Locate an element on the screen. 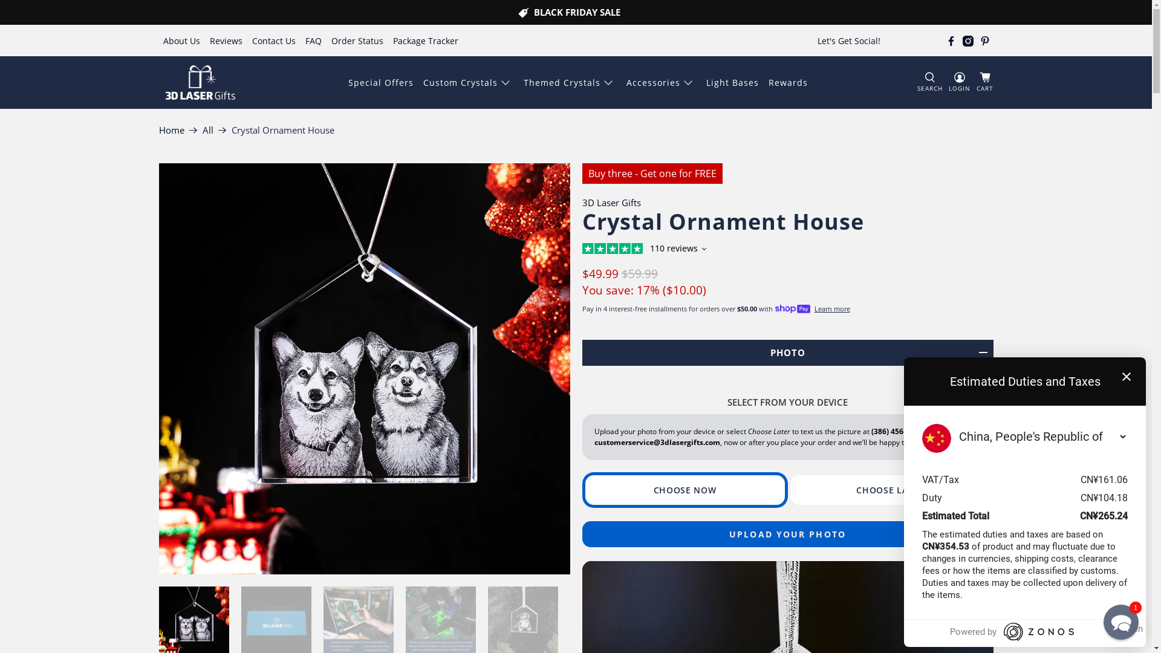 The height and width of the screenshot is (653, 1161). 'Contact Us' is located at coordinates (273, 40).